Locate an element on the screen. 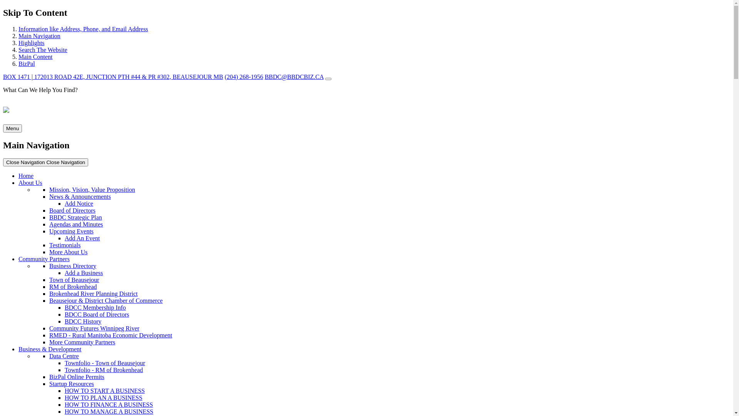  'Testimonials' is located at coordinates (65, 245).